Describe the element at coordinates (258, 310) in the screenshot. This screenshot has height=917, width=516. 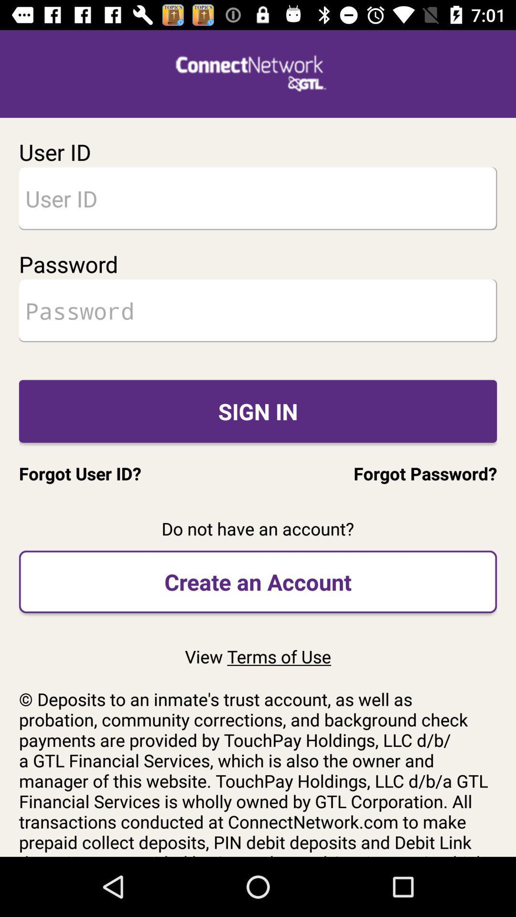
I see `password` at that location.